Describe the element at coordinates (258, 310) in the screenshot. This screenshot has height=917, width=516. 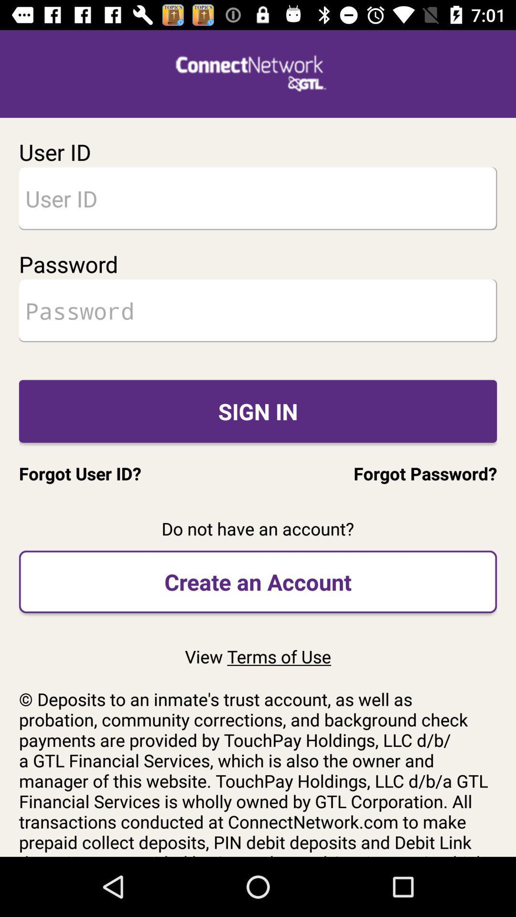
I see `password` at that location.